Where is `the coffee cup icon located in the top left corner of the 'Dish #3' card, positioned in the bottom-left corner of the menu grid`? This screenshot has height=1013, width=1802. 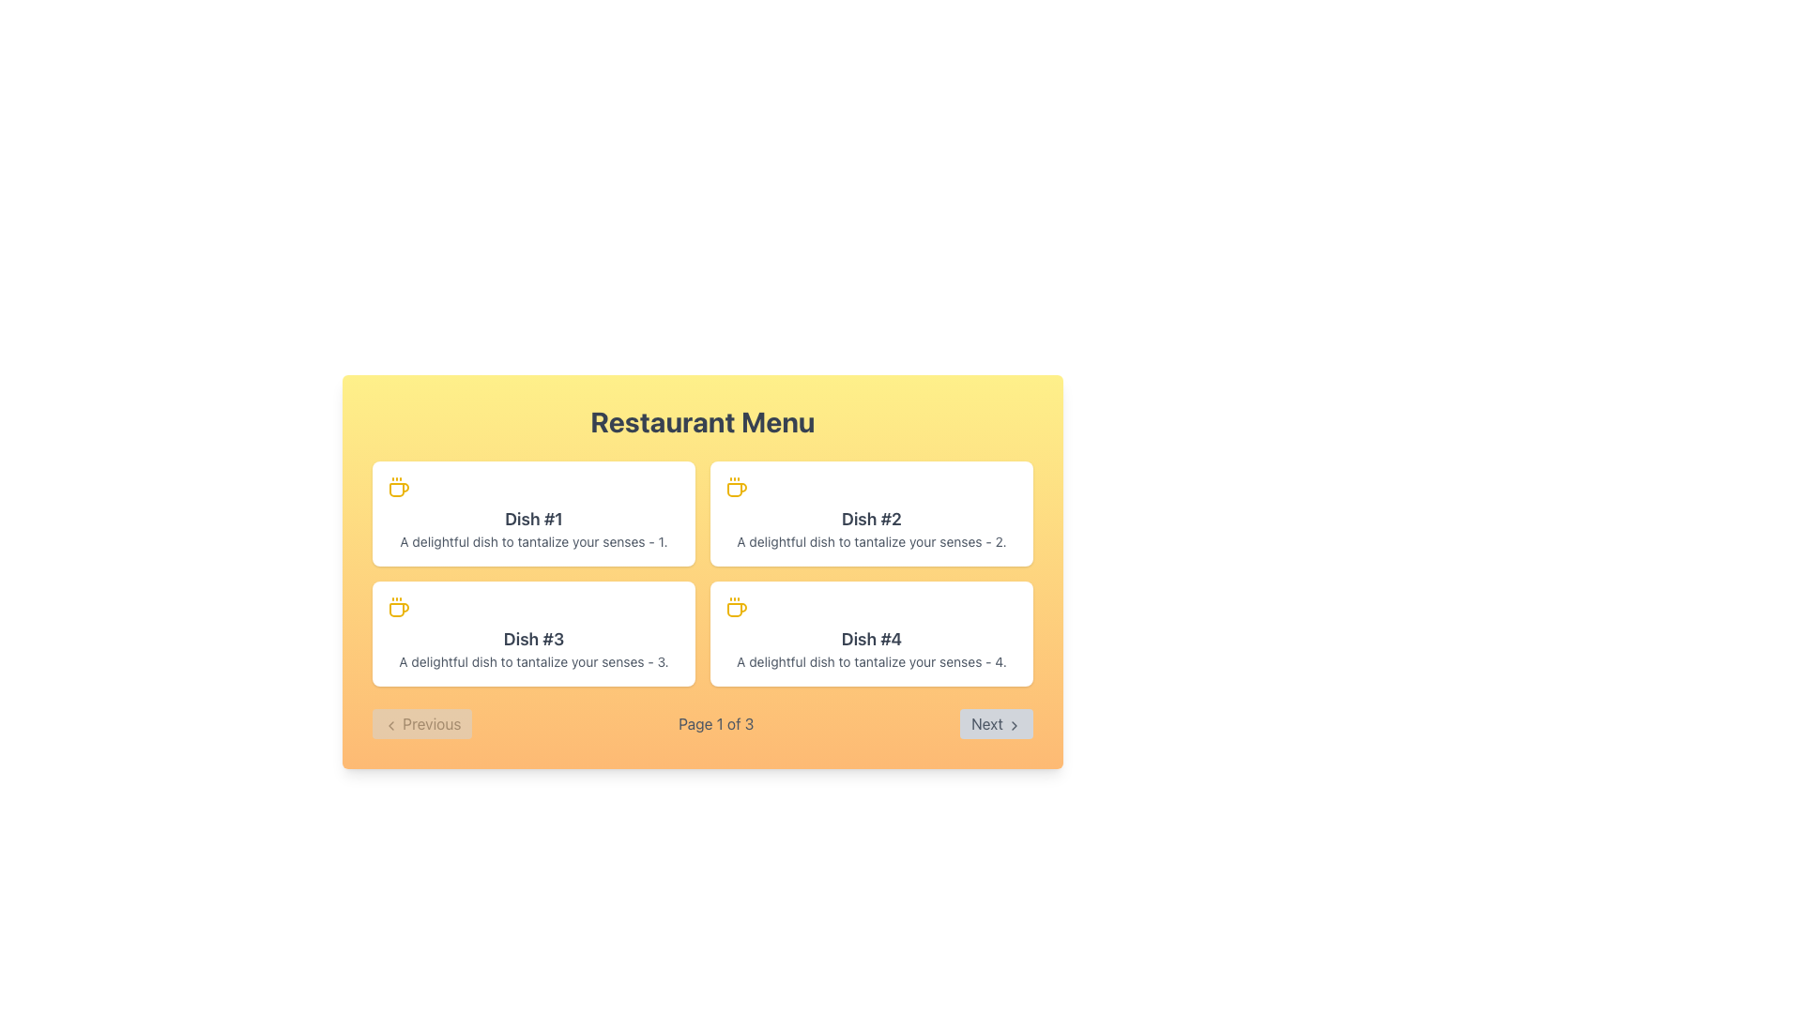
the coffee cup icon located in the top left corner of the 'Dish #3' card, positioned in the bottom-left corner of the menu grid is located at coordinates (398, 608).